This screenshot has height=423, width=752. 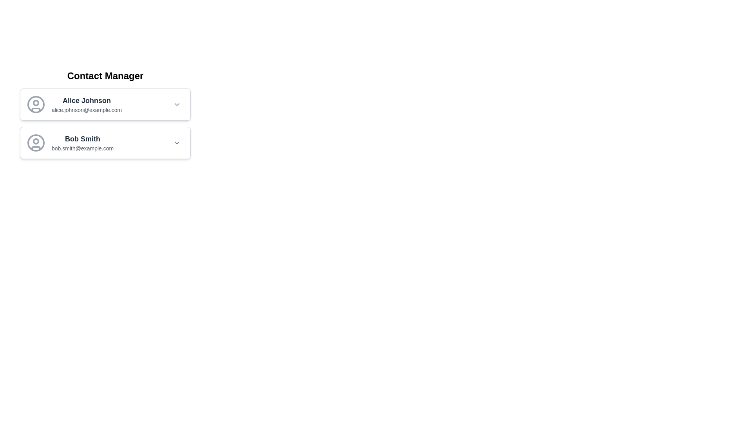 I want to click on the user profile display for 'Bob Smith', so click(x=70, y=143).